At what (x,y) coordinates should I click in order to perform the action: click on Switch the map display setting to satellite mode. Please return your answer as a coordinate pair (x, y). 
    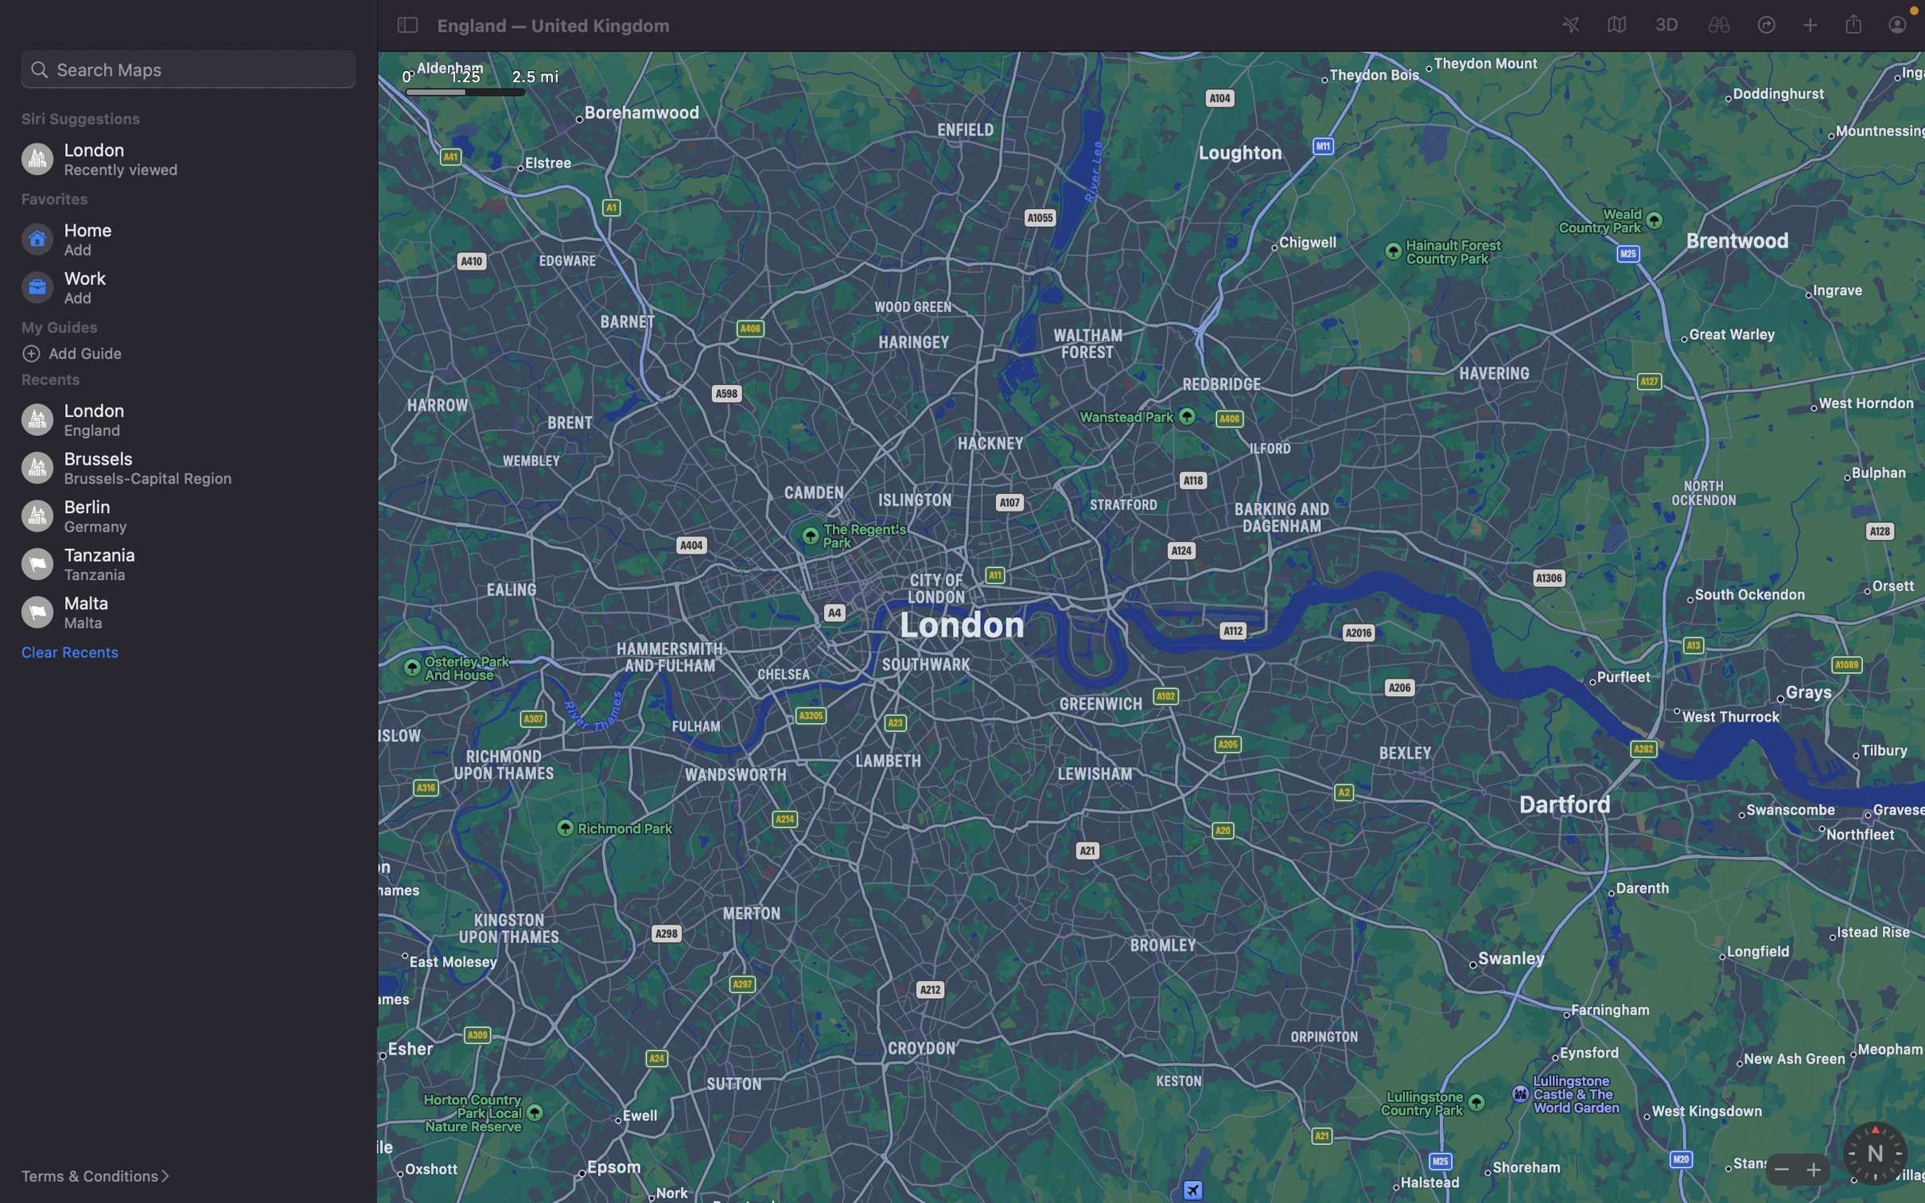
    Looking at the image, I should click on (1614, 25).